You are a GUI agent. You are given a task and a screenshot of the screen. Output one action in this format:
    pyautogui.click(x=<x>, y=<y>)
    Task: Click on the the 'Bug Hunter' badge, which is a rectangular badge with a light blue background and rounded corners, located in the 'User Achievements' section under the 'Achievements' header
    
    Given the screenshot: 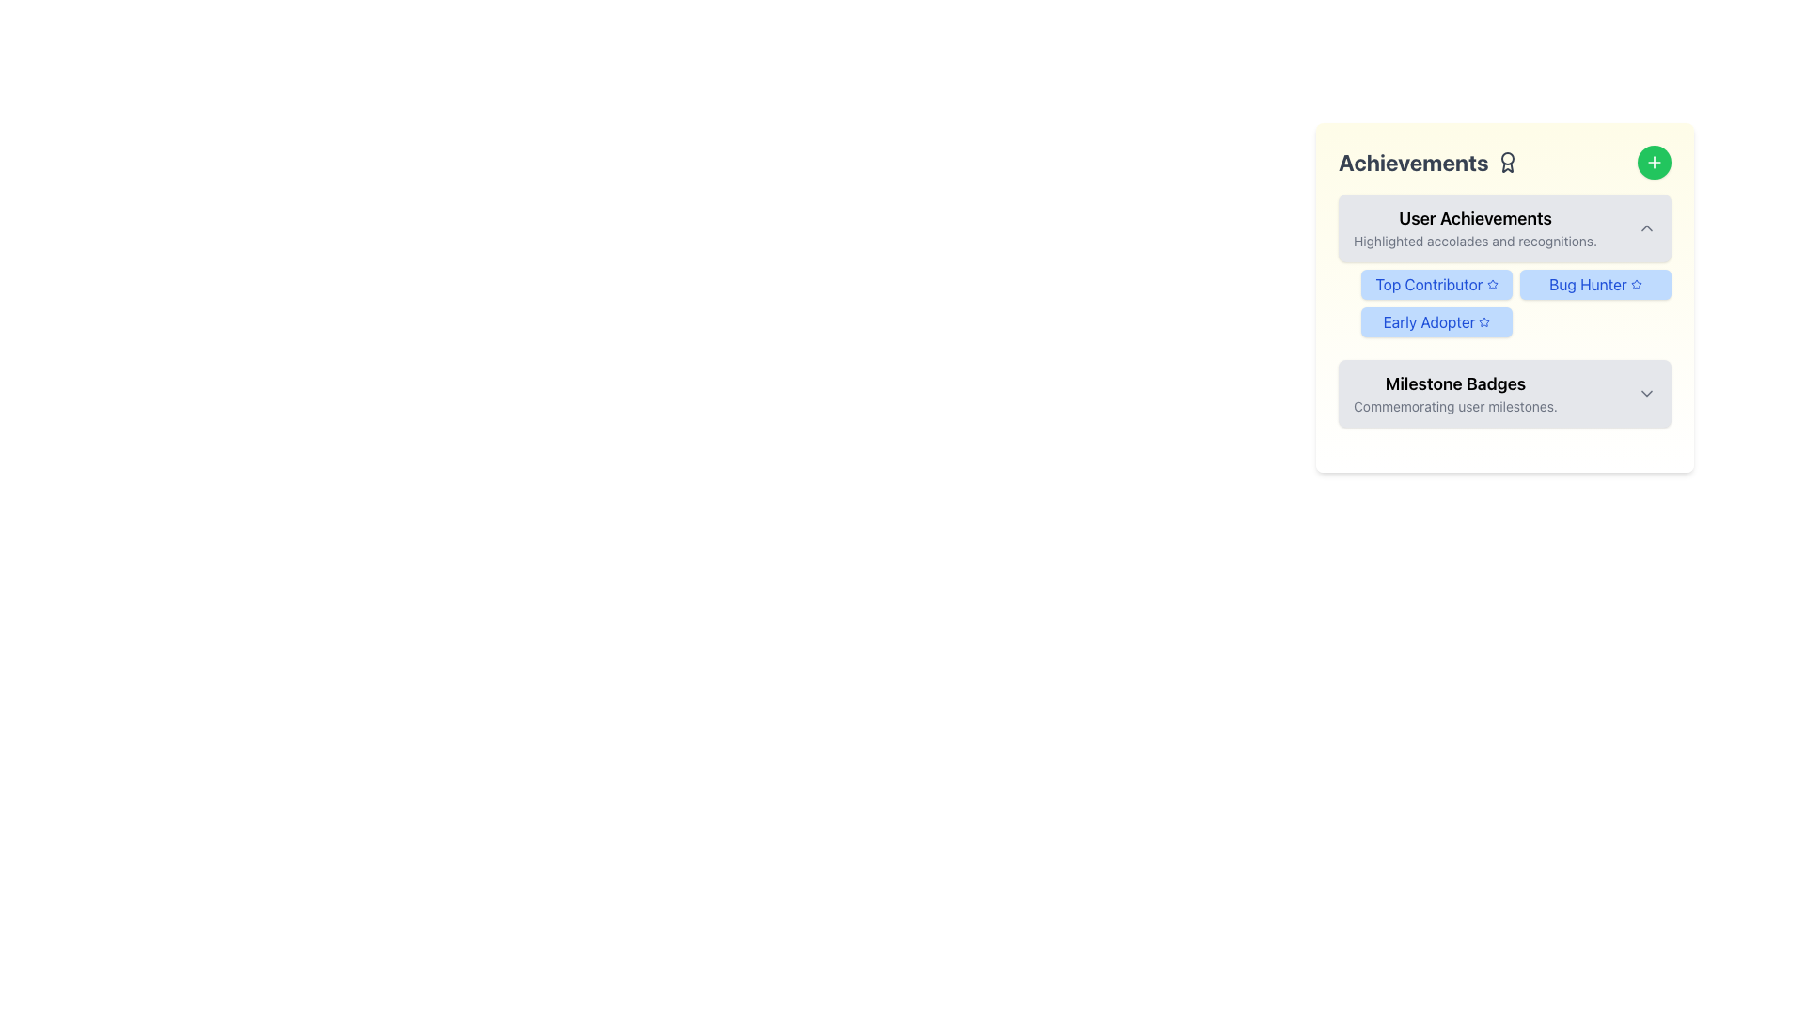 What is the action you would take?
    pyautogui.click(x=1594, y=285)
    